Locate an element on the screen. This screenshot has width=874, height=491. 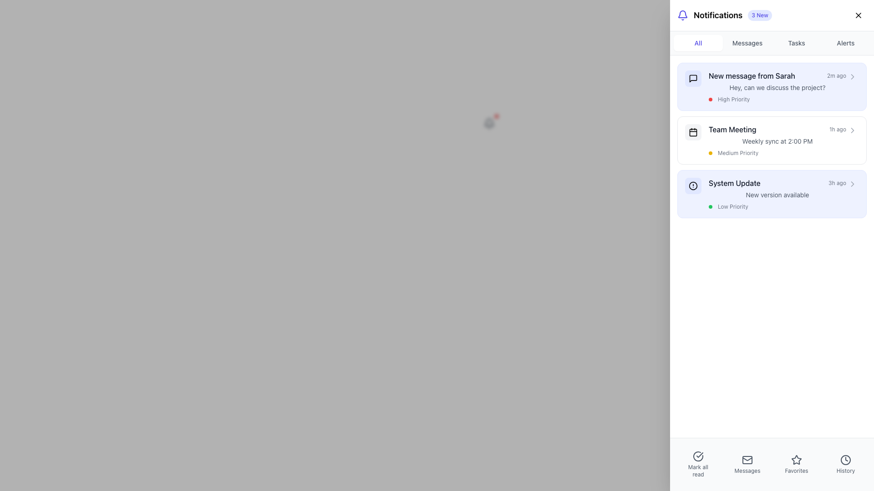
the star icon button representing 'Favorites' in the bottom navigation bar is located at coordinates (796, 460).